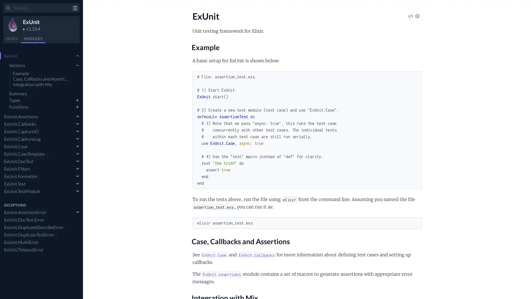 The width and height of the screenshot is (531, 299). What do you see at coordinates (75, 9) in the screenshot?
I see `toggle sidebar` at bounding box center [75, 9].